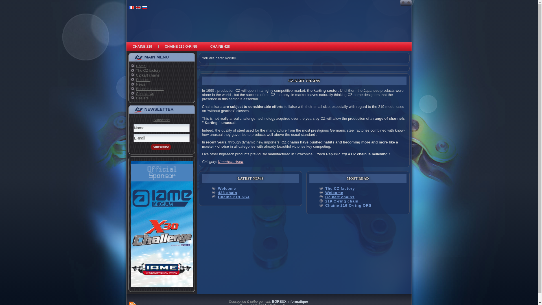  Describe the element at coordinates (141, 66) in the screenshot. I see `'Home'` at that location.